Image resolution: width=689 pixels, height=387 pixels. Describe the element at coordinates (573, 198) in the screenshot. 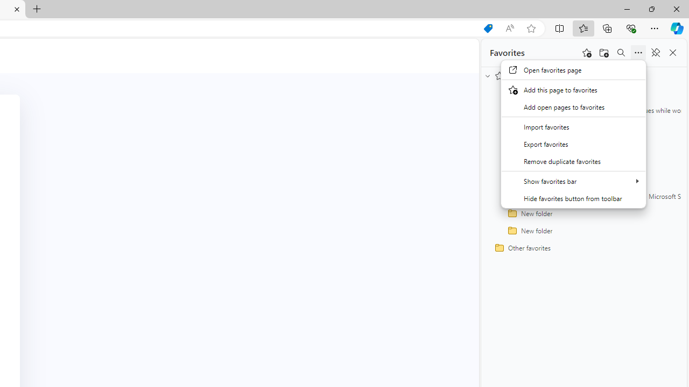

I see `'Hide favorites button from toolbar'` at that location.